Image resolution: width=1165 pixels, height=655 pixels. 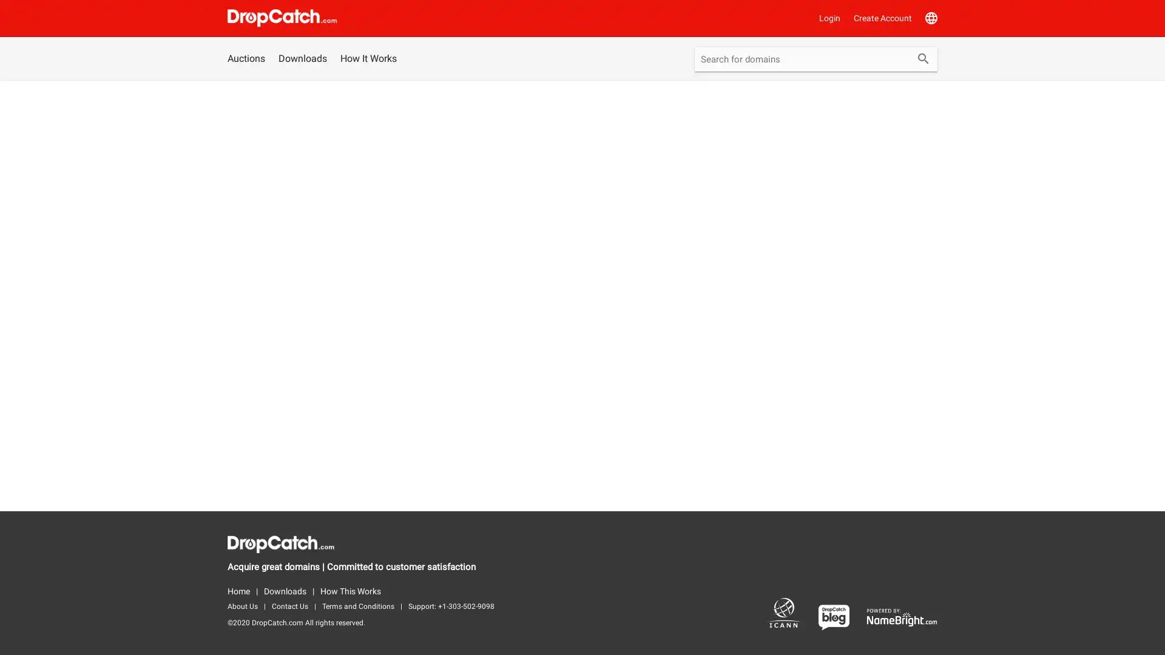 I want to click on Bid, so click(x=911, y=414).